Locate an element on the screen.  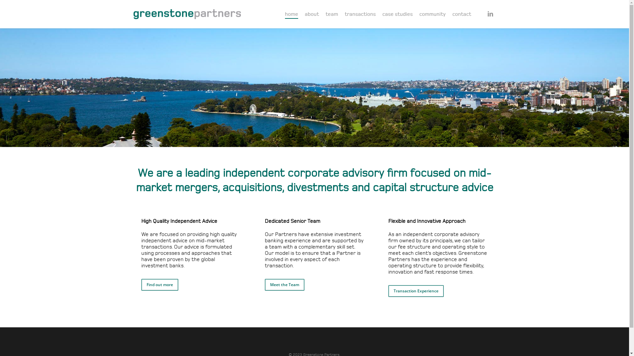
'community' is located at coordinates (433, 14).